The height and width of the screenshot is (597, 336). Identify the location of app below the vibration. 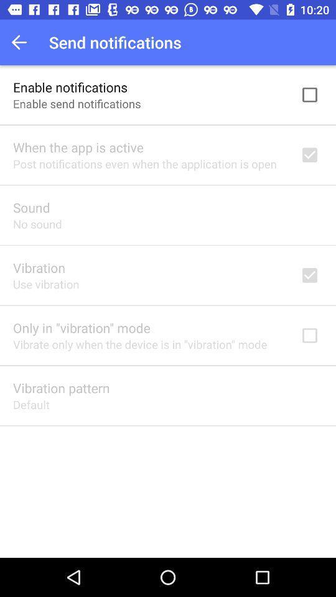
(45, 284).